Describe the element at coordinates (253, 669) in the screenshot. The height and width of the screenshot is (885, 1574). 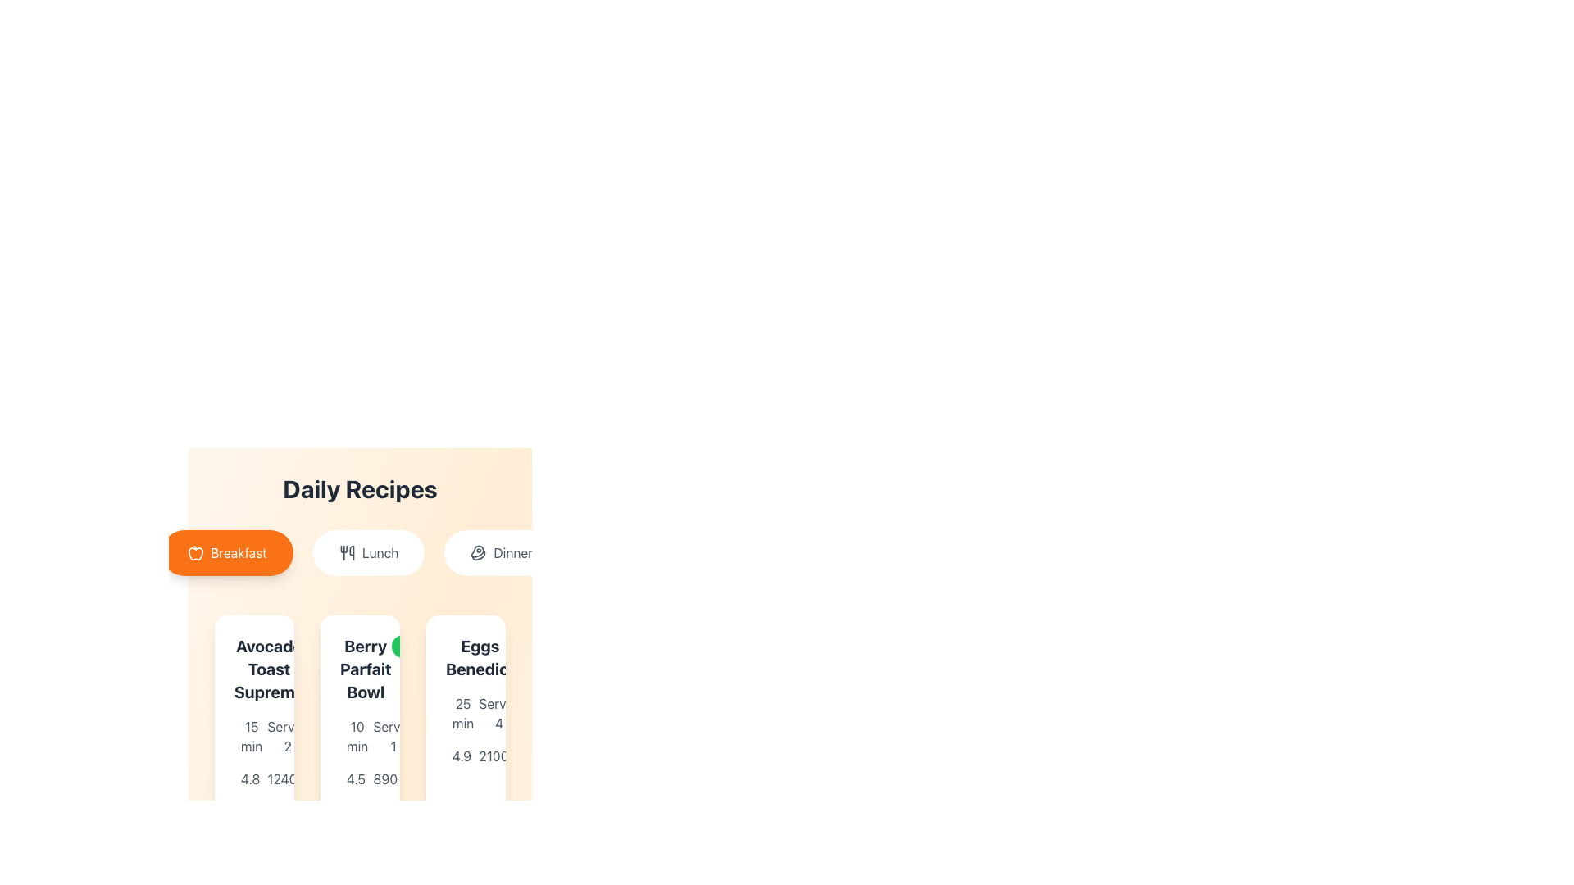
I see `the text block displaying 'Avocado Toast Supreme' with a green background and rounded edges, located in the 'Daily Recipes' section below the 'Breakfast' button` at that location.